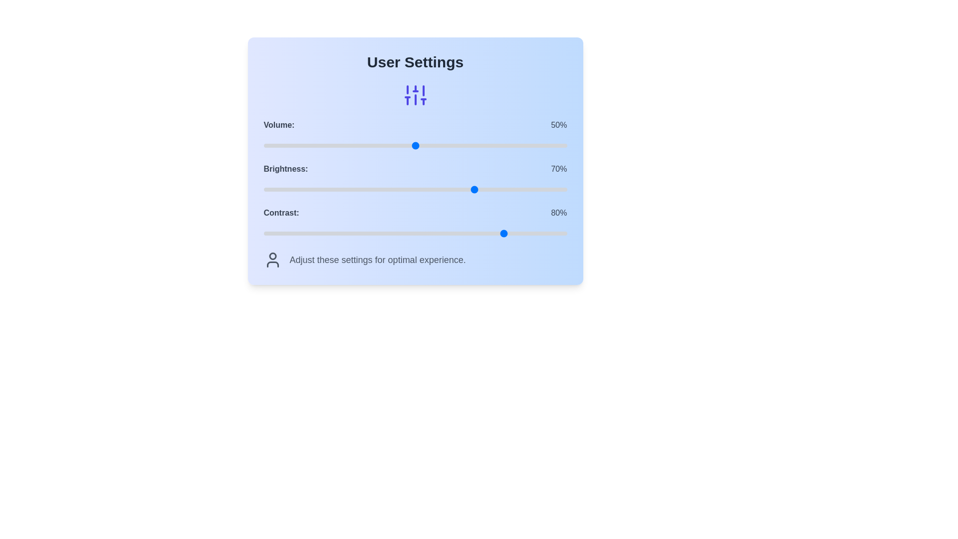 The width and height of the screenshot is (958, 539). I want to click on the brightness level, so click(421, 190).